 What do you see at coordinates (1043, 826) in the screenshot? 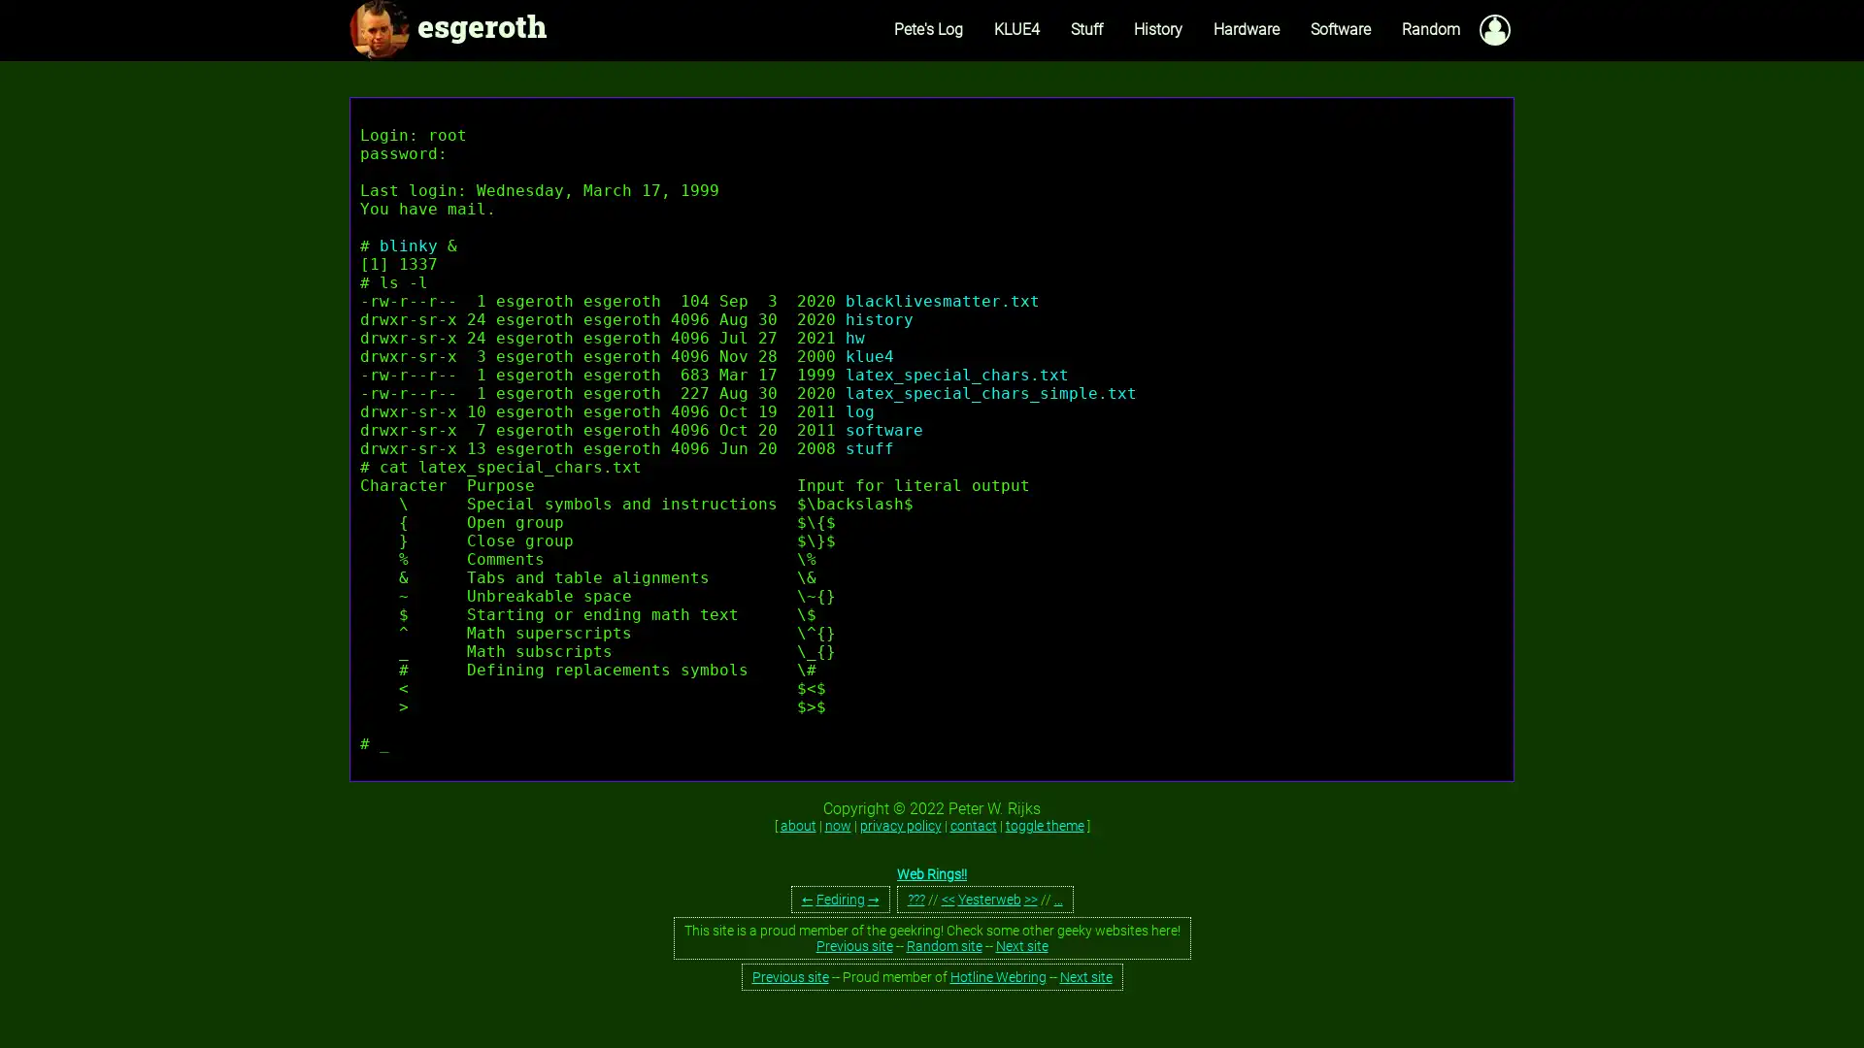
I see `toggle theme` at bounding box center [1043, 826].